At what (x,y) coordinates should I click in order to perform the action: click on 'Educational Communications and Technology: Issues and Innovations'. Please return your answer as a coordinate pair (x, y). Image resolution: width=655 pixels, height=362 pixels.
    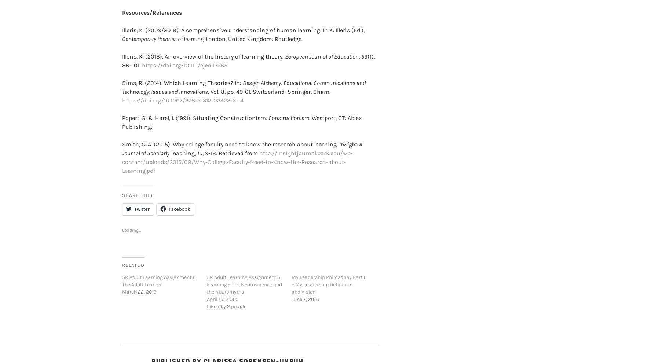
    Looking at the image, I should click on (244, 75).